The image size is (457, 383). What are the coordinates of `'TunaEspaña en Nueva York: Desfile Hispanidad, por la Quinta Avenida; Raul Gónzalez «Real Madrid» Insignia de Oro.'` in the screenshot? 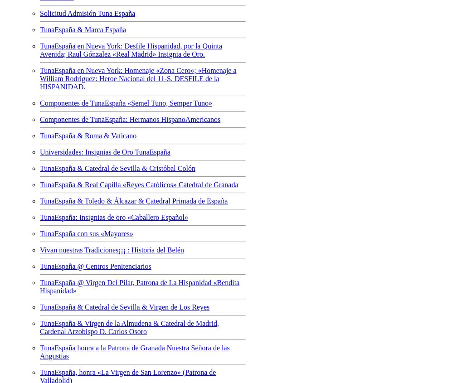 It's located at (131, 49).